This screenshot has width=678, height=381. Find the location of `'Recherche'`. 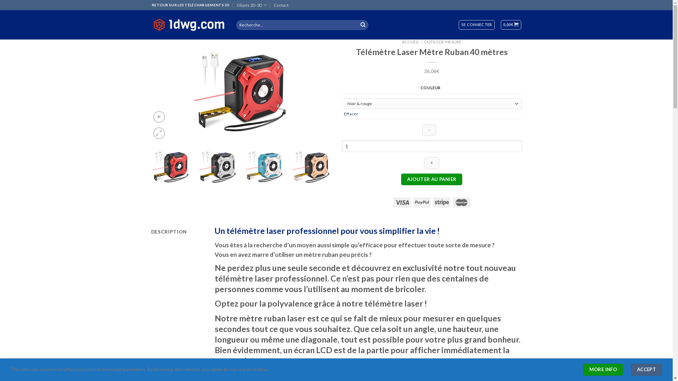

'Recherche' is located at coordinates (363, 24).